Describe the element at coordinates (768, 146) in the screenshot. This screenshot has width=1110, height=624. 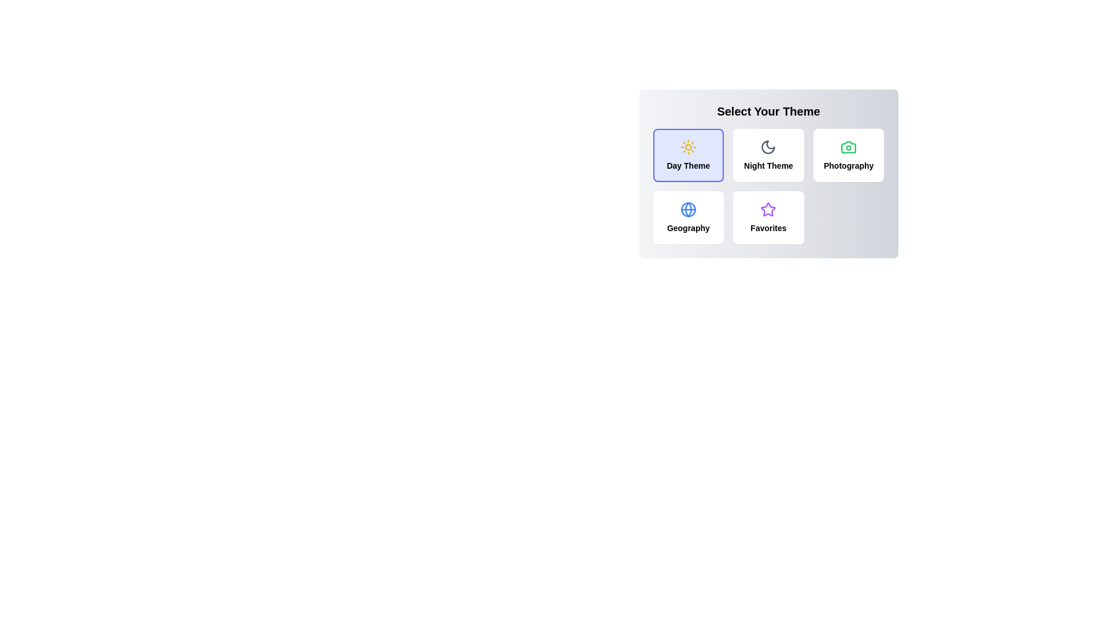
I see `the crescent moon icon within the 'Night Theme' button` at that location.